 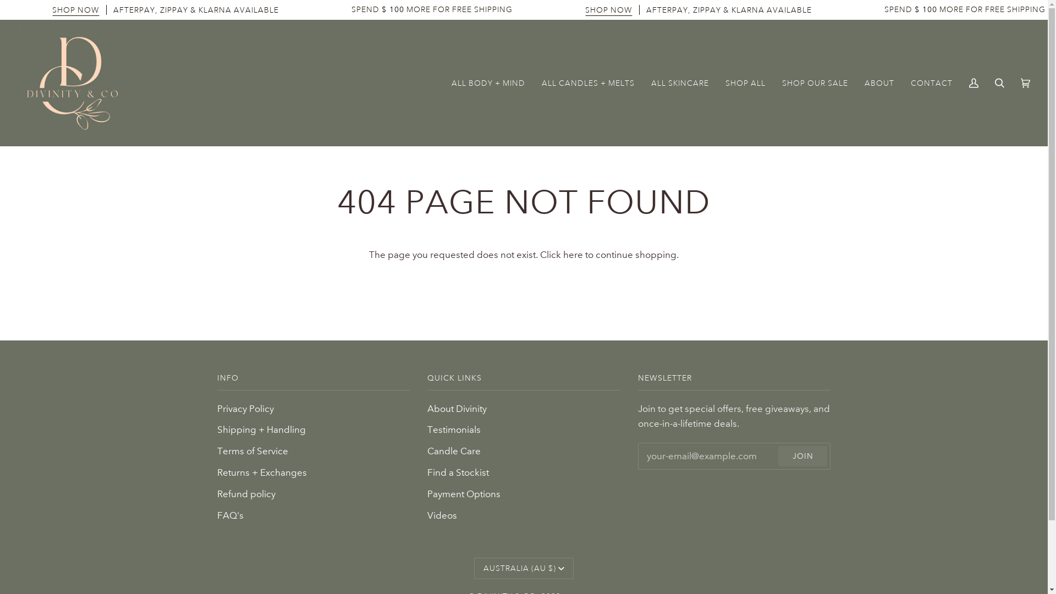 What do you see at coordinates (464, 493) in the screenshot?
I see `'Payment Options'` at bounding box center [464, 493].